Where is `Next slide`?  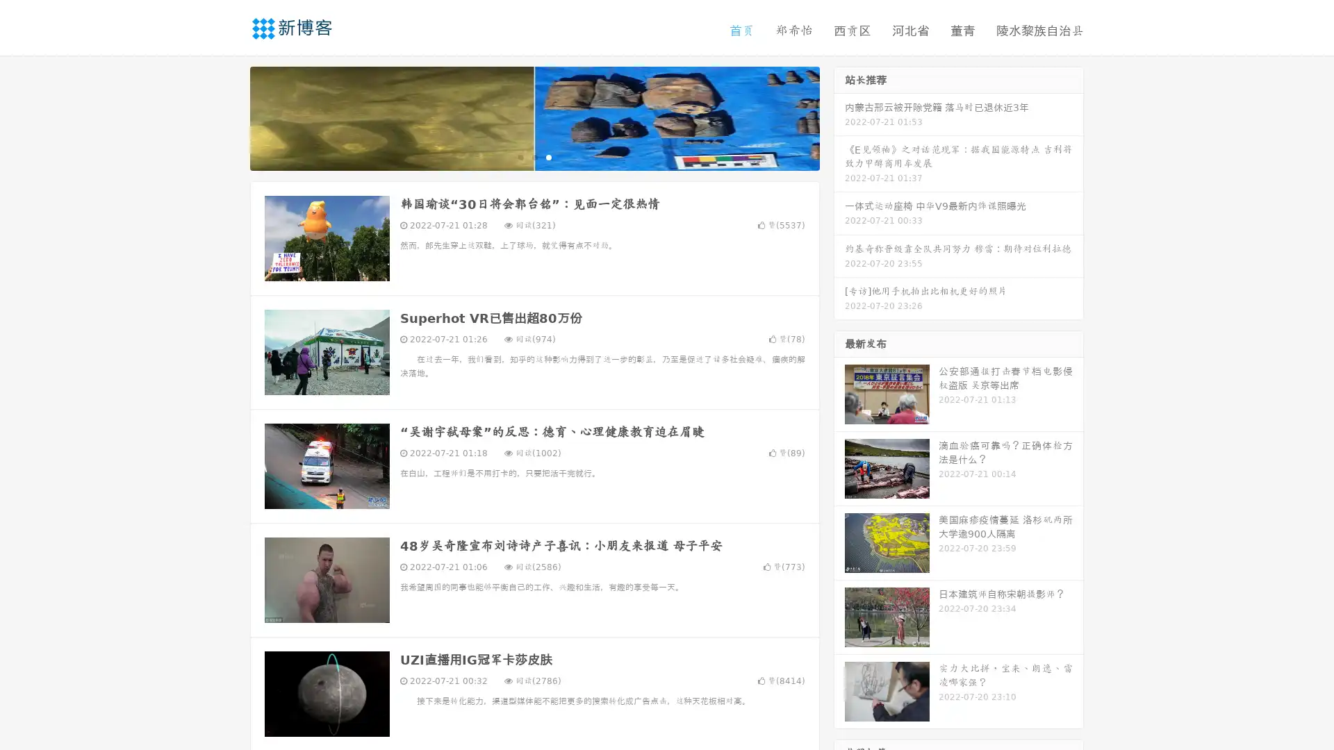
Next slide is located at coordinates (839, 117).